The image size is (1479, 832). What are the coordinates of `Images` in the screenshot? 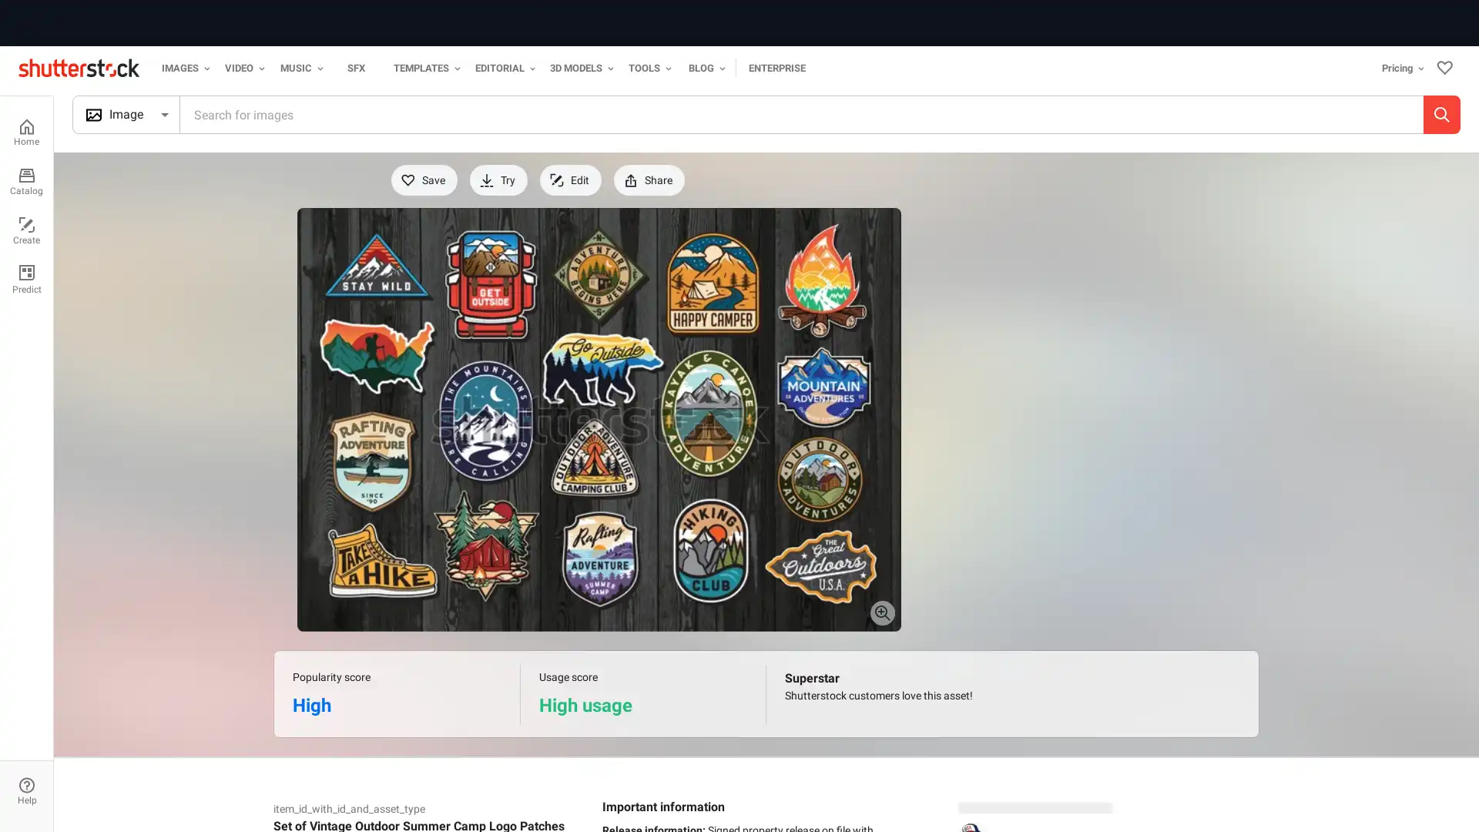 It's located at (183, 67).